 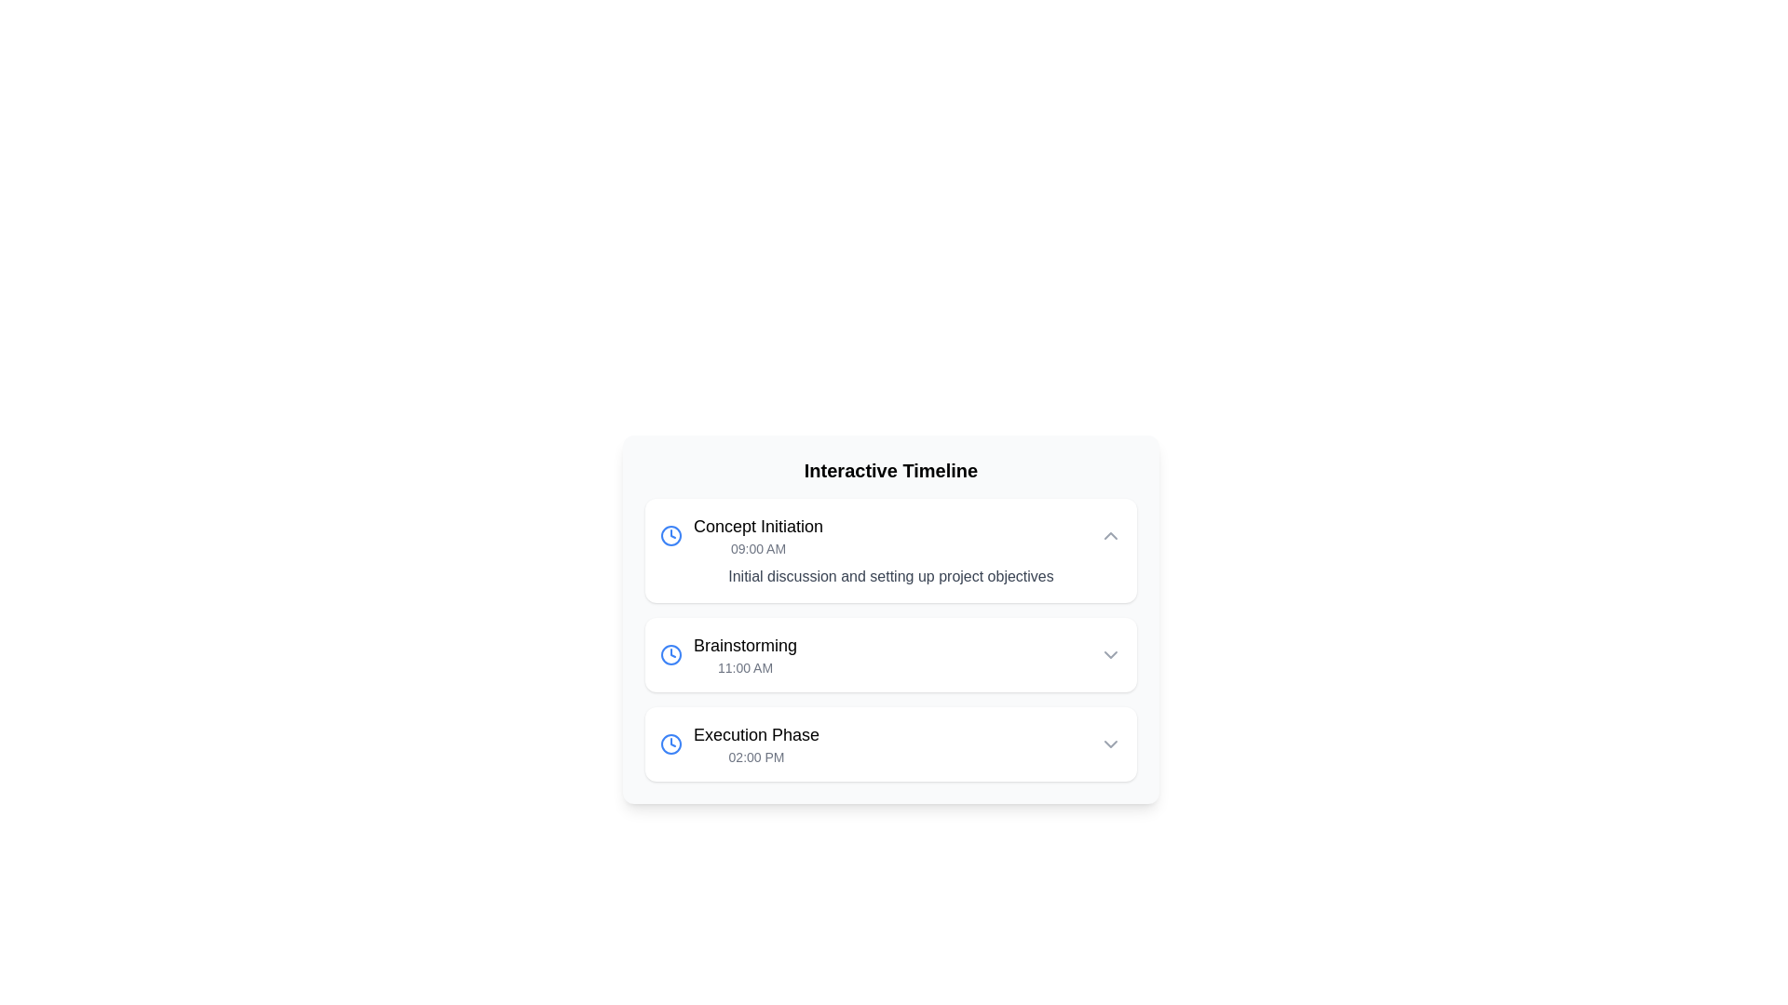 What do you see at coordinates (889, 638) in the screenshot?
I see `the second timeline entry labeled 'Brainstorming' at 11:00 AM in the 'Interactive Timeline' component` at bounding box center [889, 638].